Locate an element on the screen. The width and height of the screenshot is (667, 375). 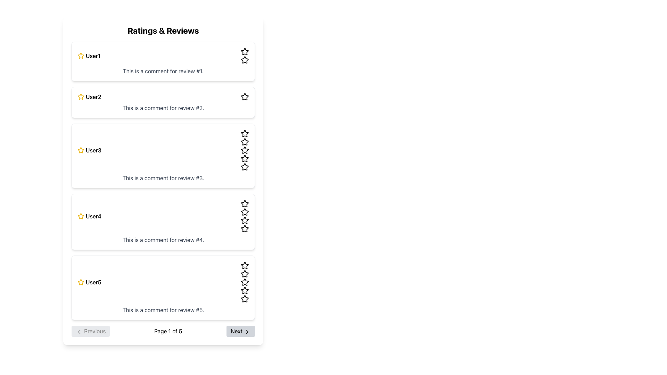
the fifth star icon, which is an outlined star used for rating, located at the bottom of the card associated with User5's comment is located at coordinates (245, 298).